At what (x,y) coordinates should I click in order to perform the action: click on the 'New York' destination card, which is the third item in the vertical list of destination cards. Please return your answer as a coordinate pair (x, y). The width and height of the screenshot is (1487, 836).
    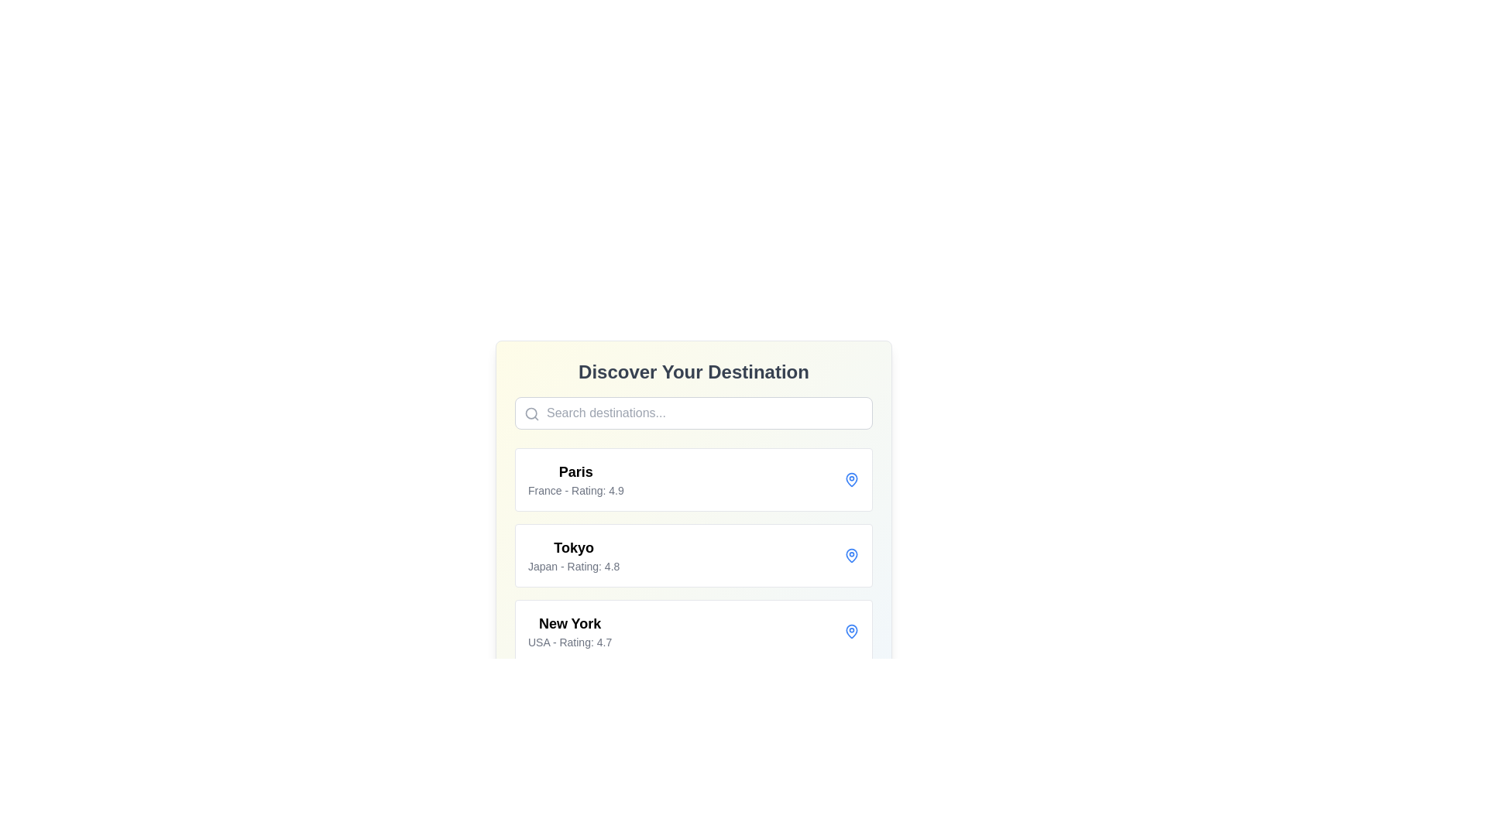
    Looking at the image, I should click on (693, 632).